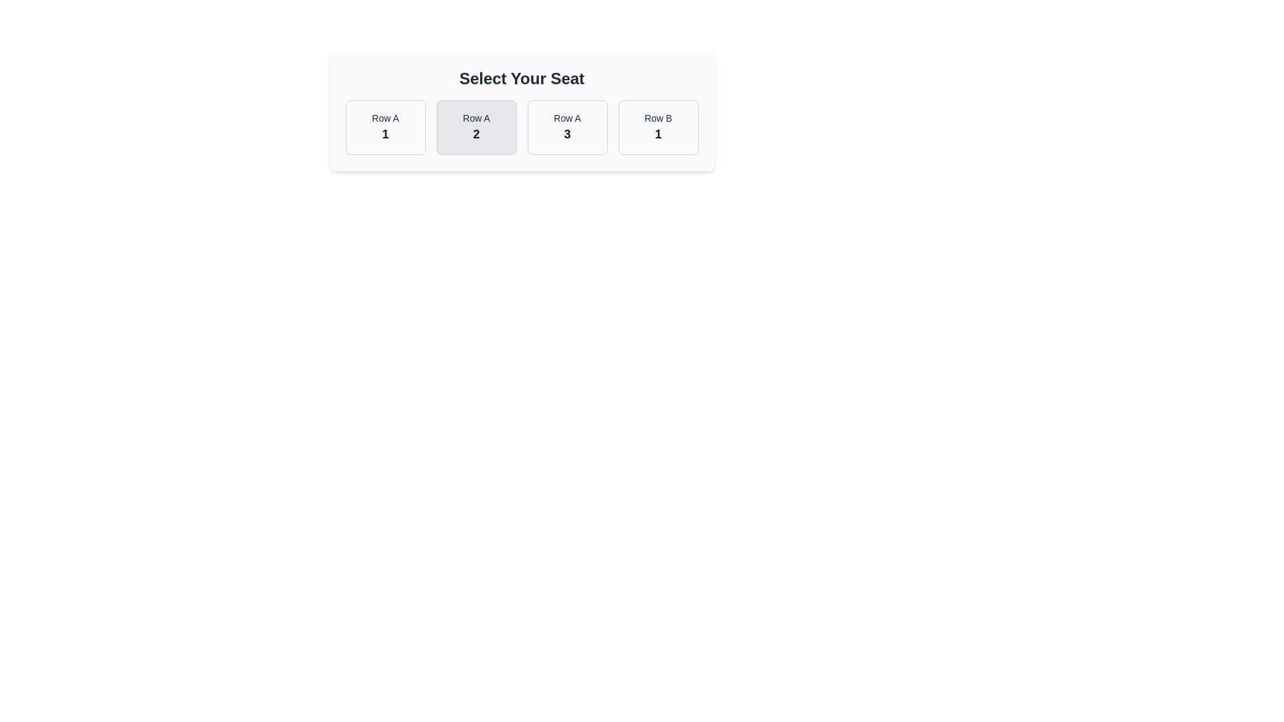  Describe the element at coordinates (658, 118) in the screenshot. I see `the label indicating the row associated with the button in the 'Select Your Seat' section, located at the rightmost end of the row` at that location.